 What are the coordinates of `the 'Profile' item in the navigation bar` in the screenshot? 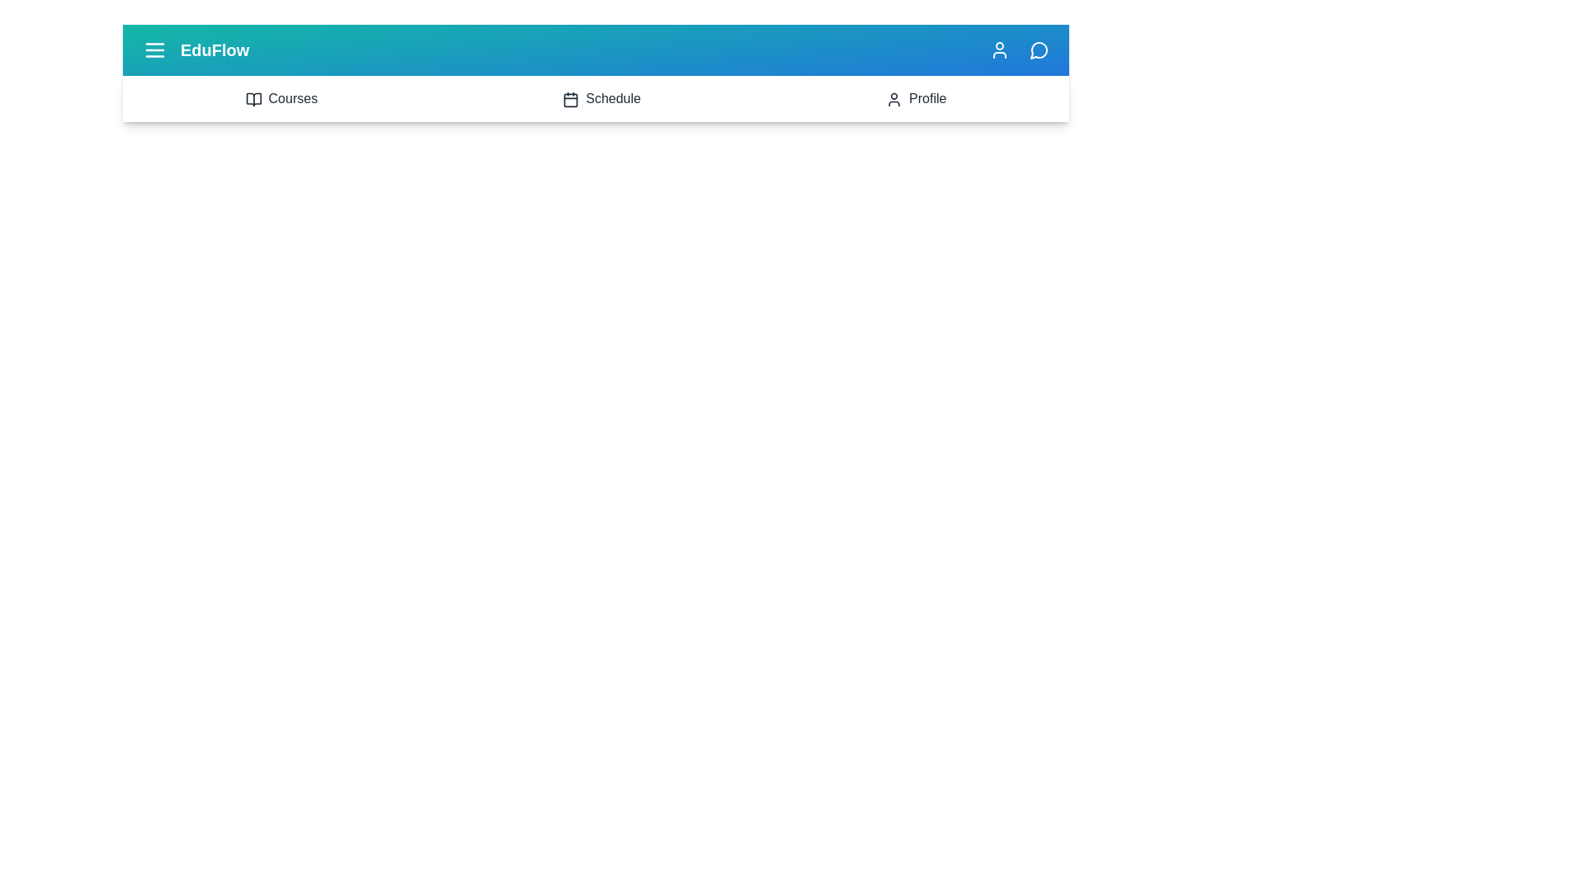 It's located at (914, 98).